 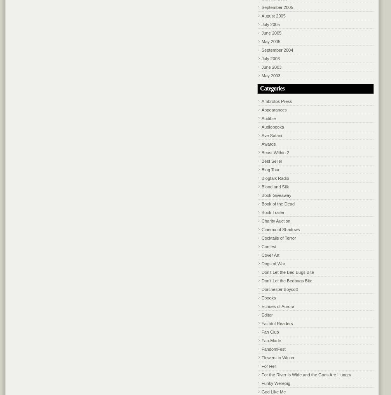 What do you see at coordinates (288, 271) in the screenshot?
I see `'Don't Let the Bed Bugs Bite'` at bounding box center [288, 271].